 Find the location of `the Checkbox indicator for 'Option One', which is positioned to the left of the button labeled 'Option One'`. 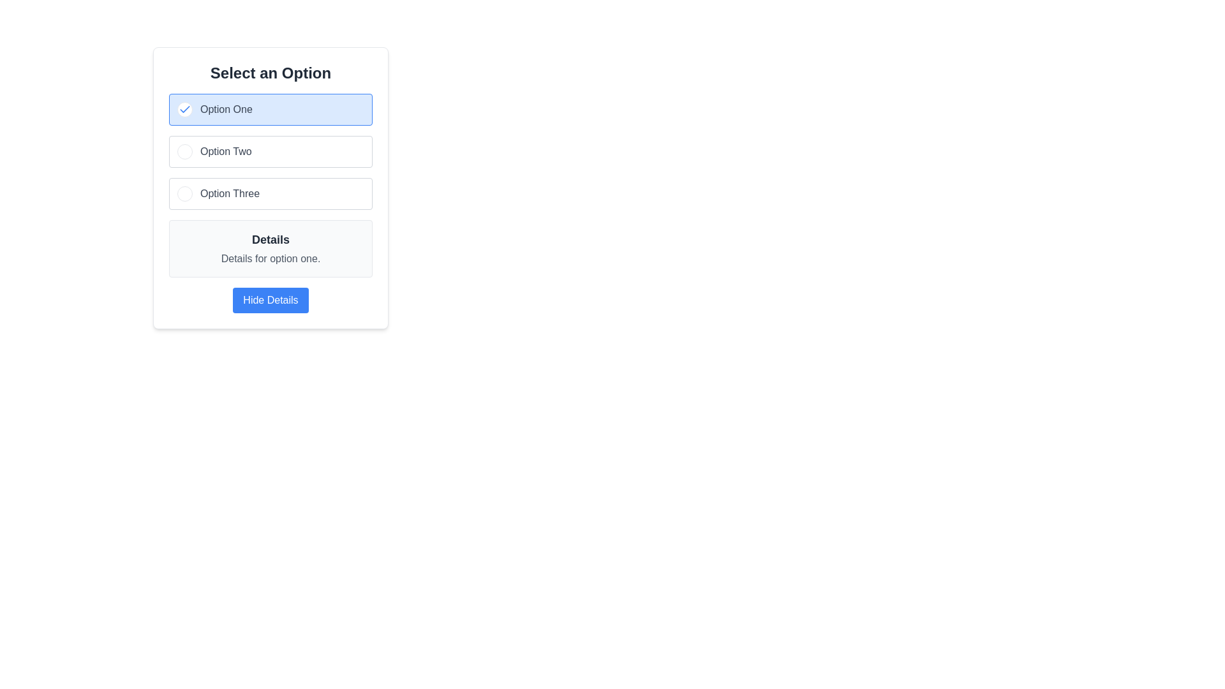

the Checkbox indicator for 'Option One', which is positioned to the left of the button labeled 'Option One' is located at coordinates (184, 109).